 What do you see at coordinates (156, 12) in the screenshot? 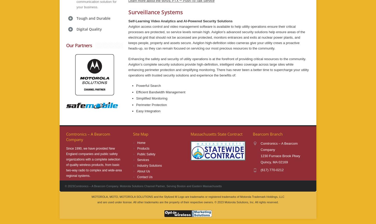
I see `'Surveillance Systems'` at bounding box center [156, 12].